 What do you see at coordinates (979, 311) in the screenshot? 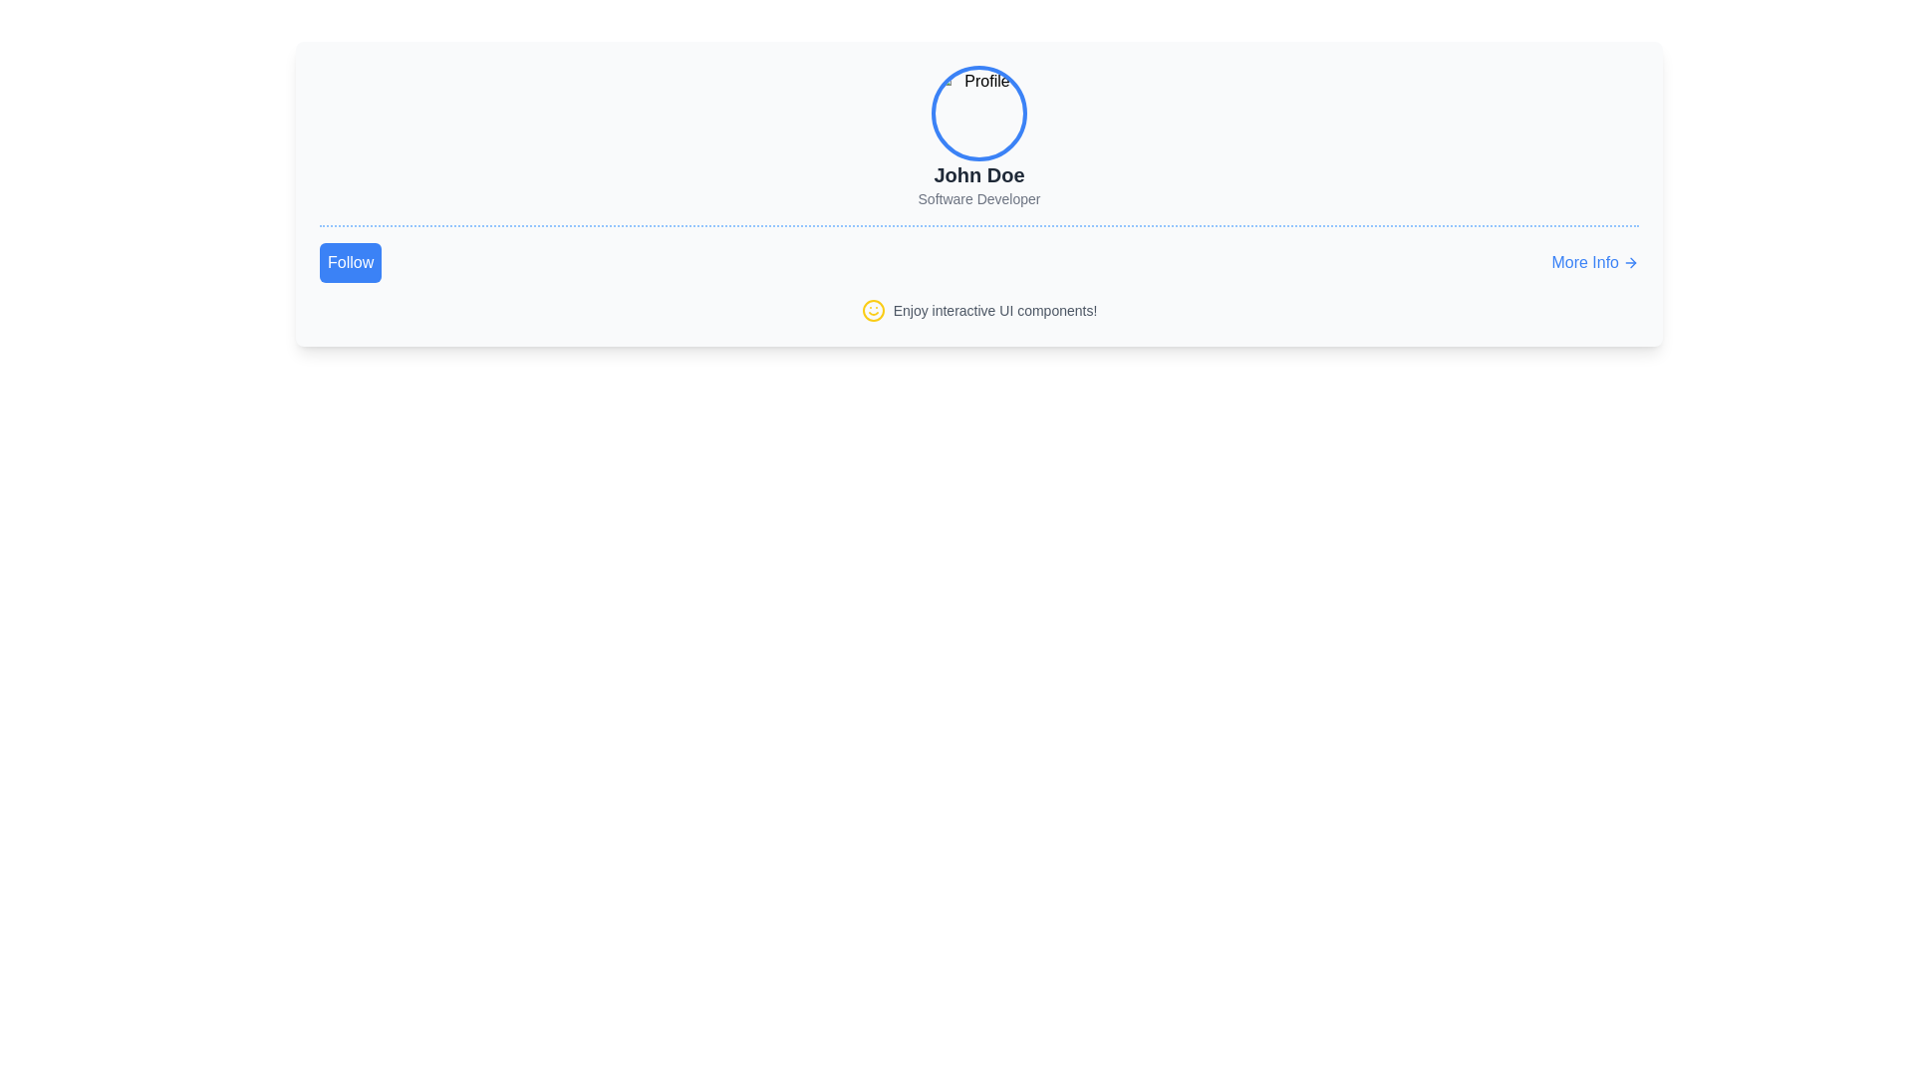
I see `informational label with an icon and text located in the lower section of the card layout, below the dashed blue line and centered horizontally, positioned underneath the 'John Doe' profile information card` at bounding box center [979, 311].